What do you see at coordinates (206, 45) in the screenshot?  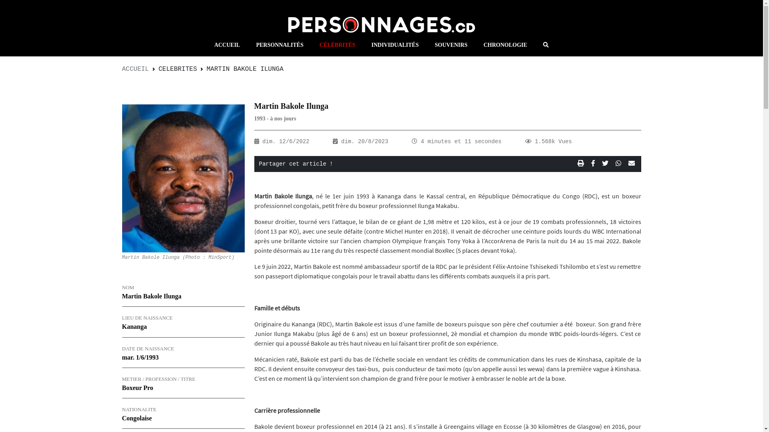 I see `'ACCUEIL'` at bounding box center [206, 45].